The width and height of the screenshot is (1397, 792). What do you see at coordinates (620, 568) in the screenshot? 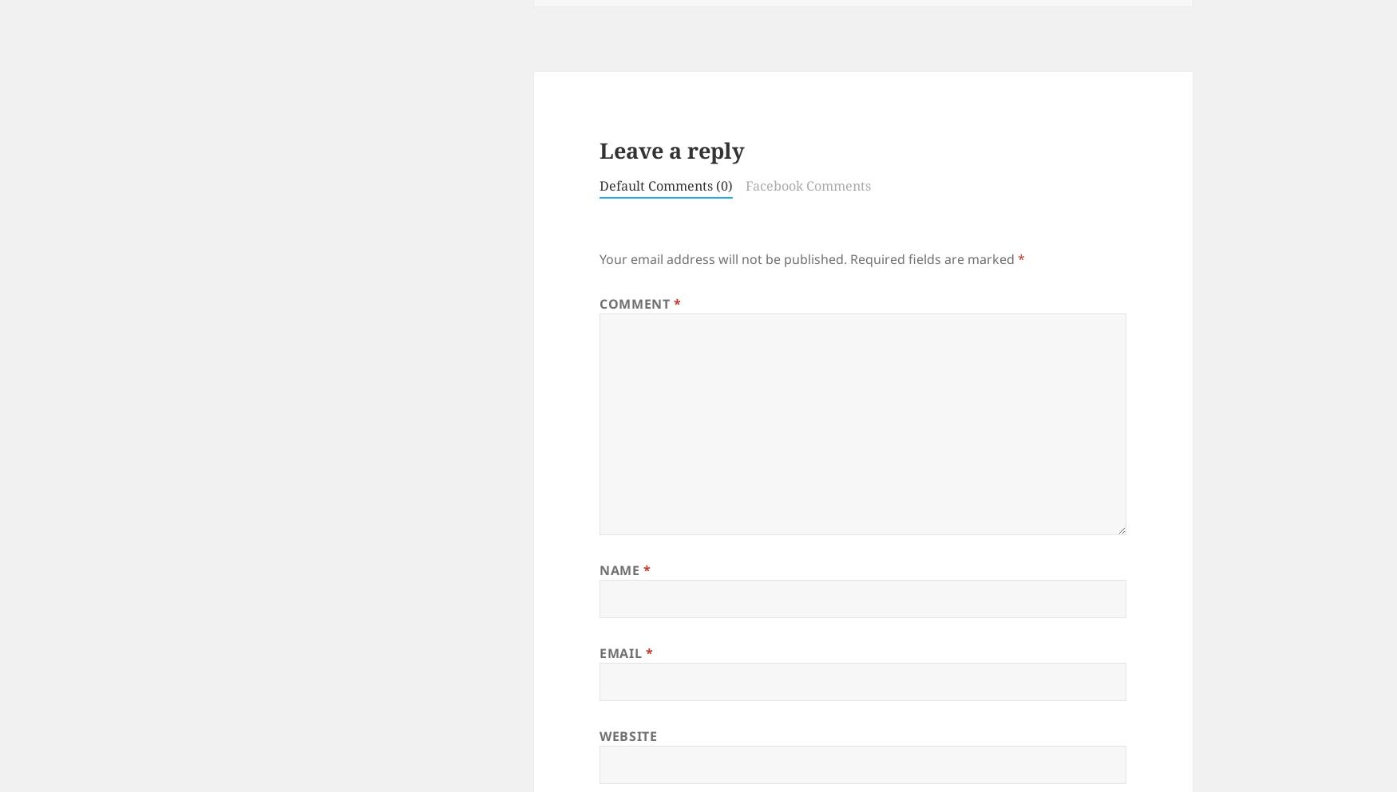
I see `'Name'` at bounding box center [620, 568].